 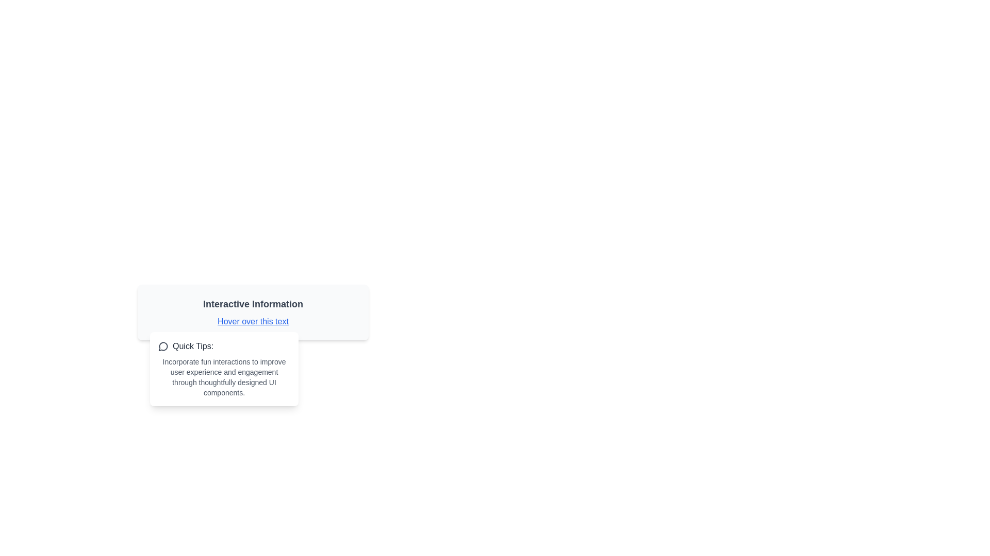 What do you see at coordinates (224, 369) in the screenshot?
I see `the tooltip or informational pop-up box that appears beneath the text link labeled 'Hover over this text'` at bounding box center [224, 369].